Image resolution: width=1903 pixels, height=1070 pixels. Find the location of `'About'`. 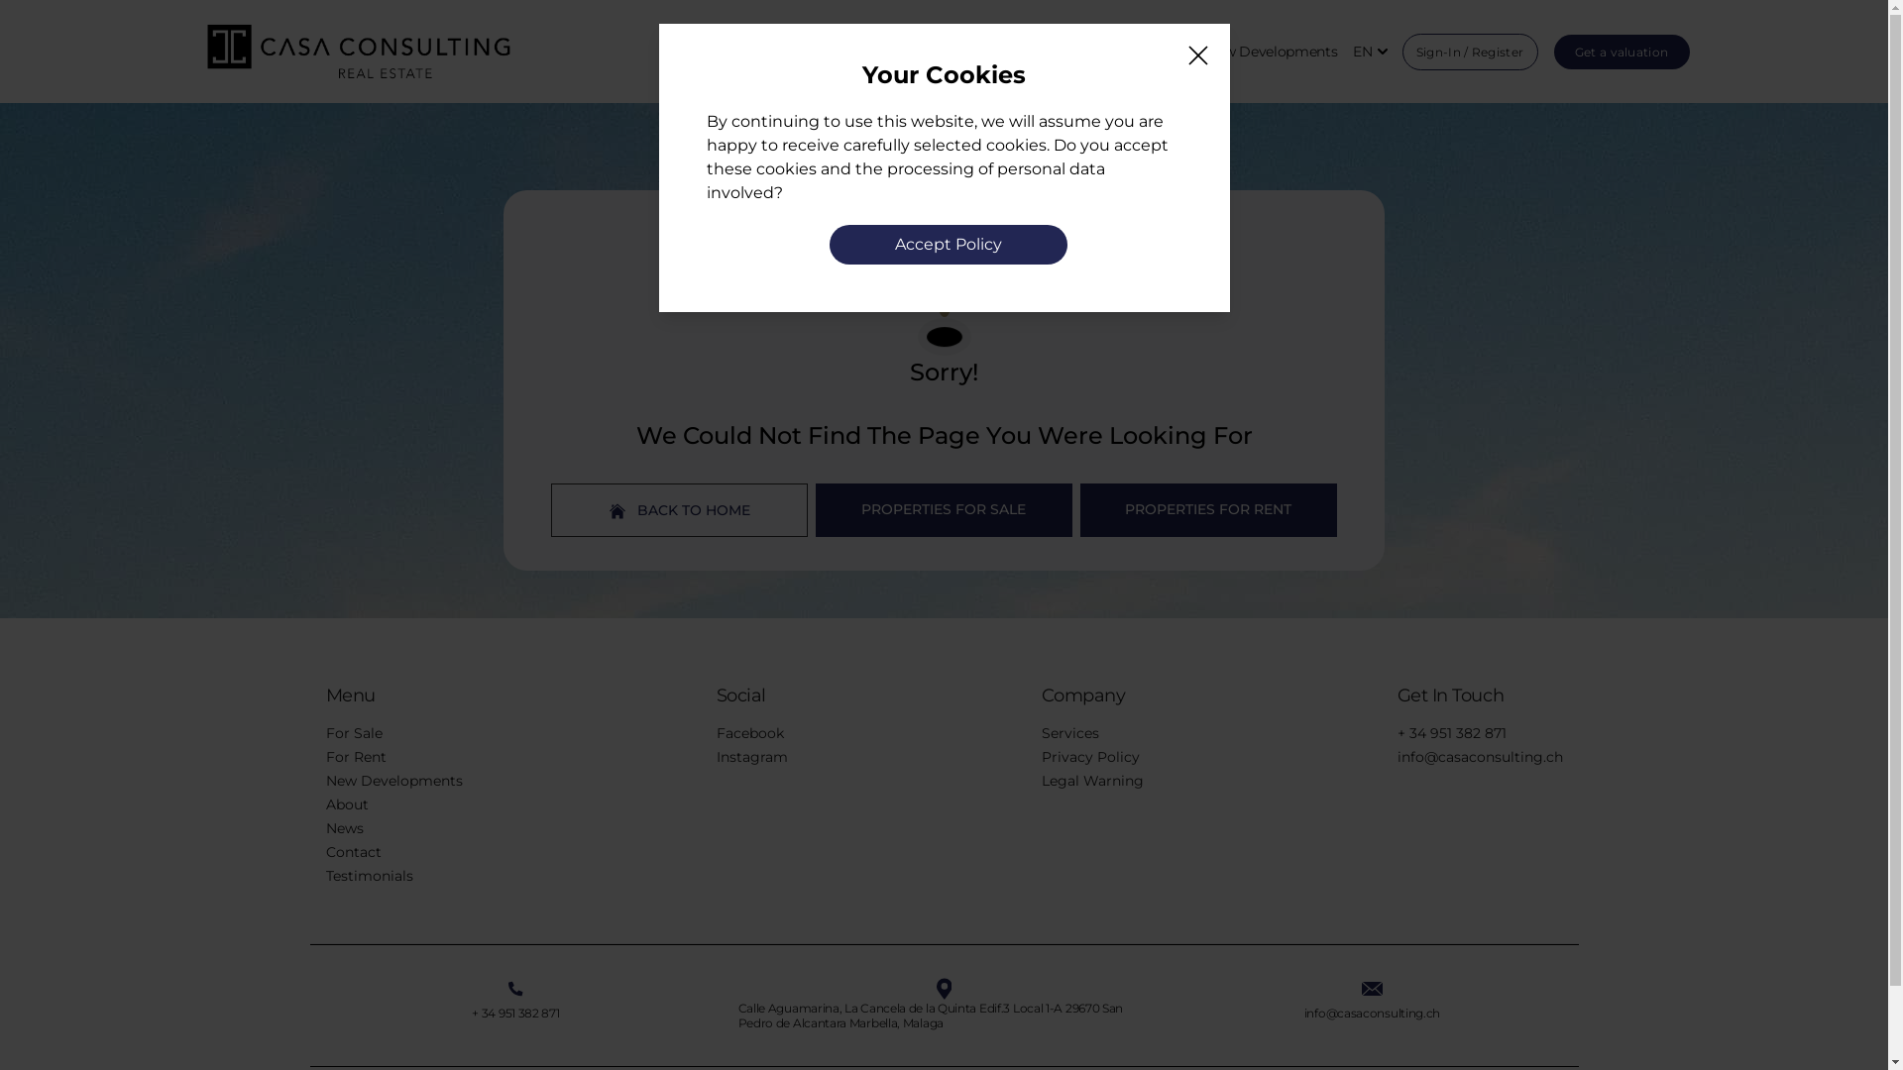

'About' is located at coordinates (346, 804).